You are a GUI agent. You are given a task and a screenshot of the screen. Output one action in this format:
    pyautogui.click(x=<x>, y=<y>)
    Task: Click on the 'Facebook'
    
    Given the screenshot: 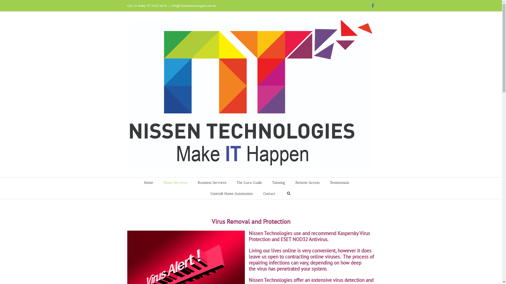 What is the action you would take?
    pyautogui.click(x=372, y=5)
    